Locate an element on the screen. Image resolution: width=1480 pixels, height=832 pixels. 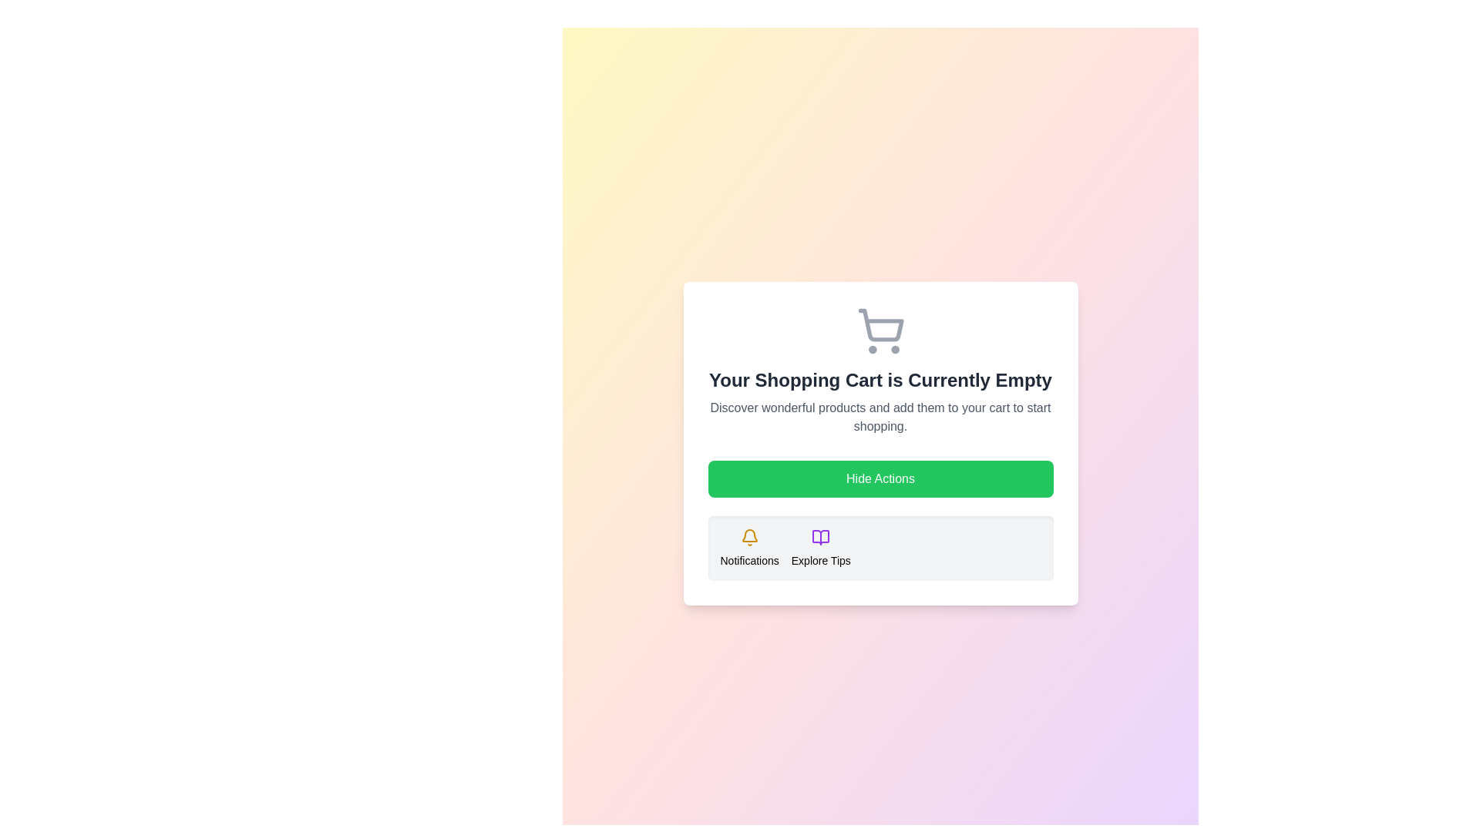
the shopping cart icon, which is a gray minimalist design with two circular wheels, located centrally above the text 'Your Shopping Cart is Currently Empty.' is located at coordinates (880, 330).